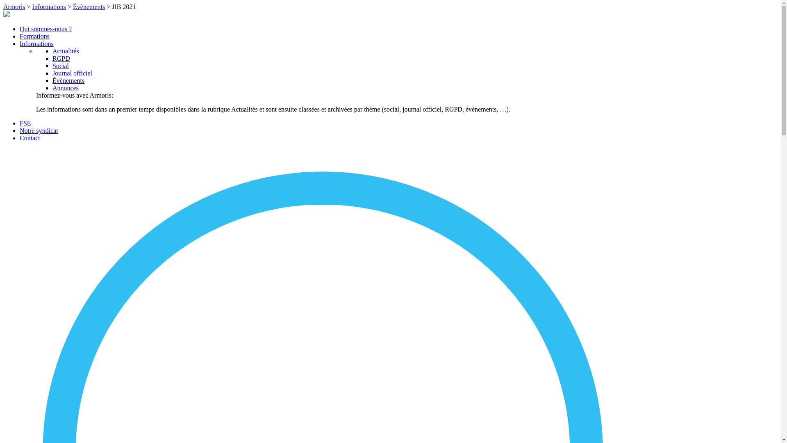  What do you see at coordinates (36, 43) in the screenshot?
I see `'Informations'` at bounding box center [36, 43].